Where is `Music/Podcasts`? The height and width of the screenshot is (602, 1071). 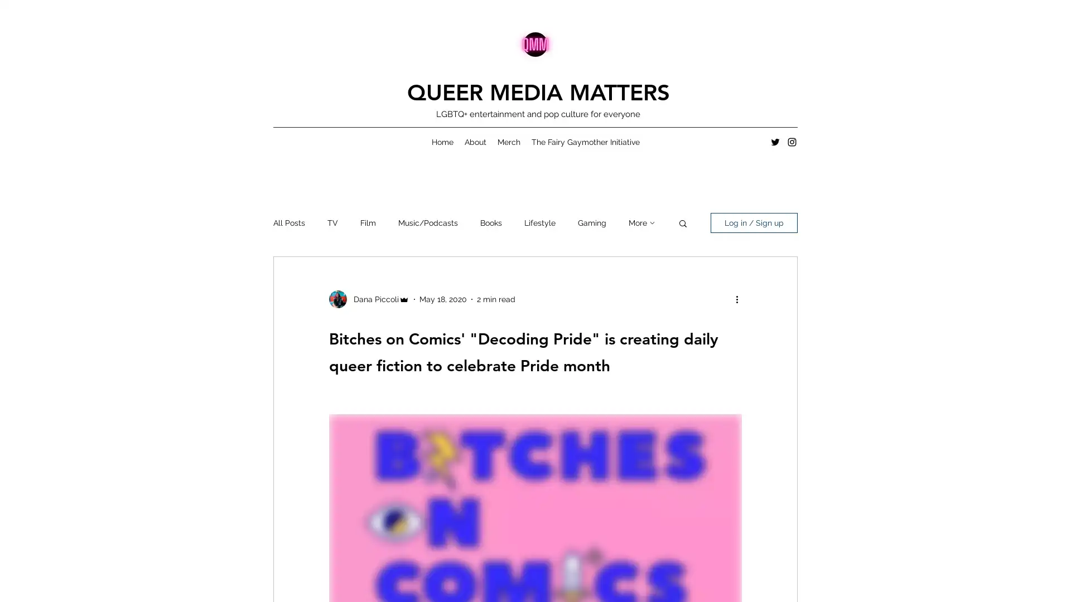 Music/Podcasts is located at coordinates (427, 223).